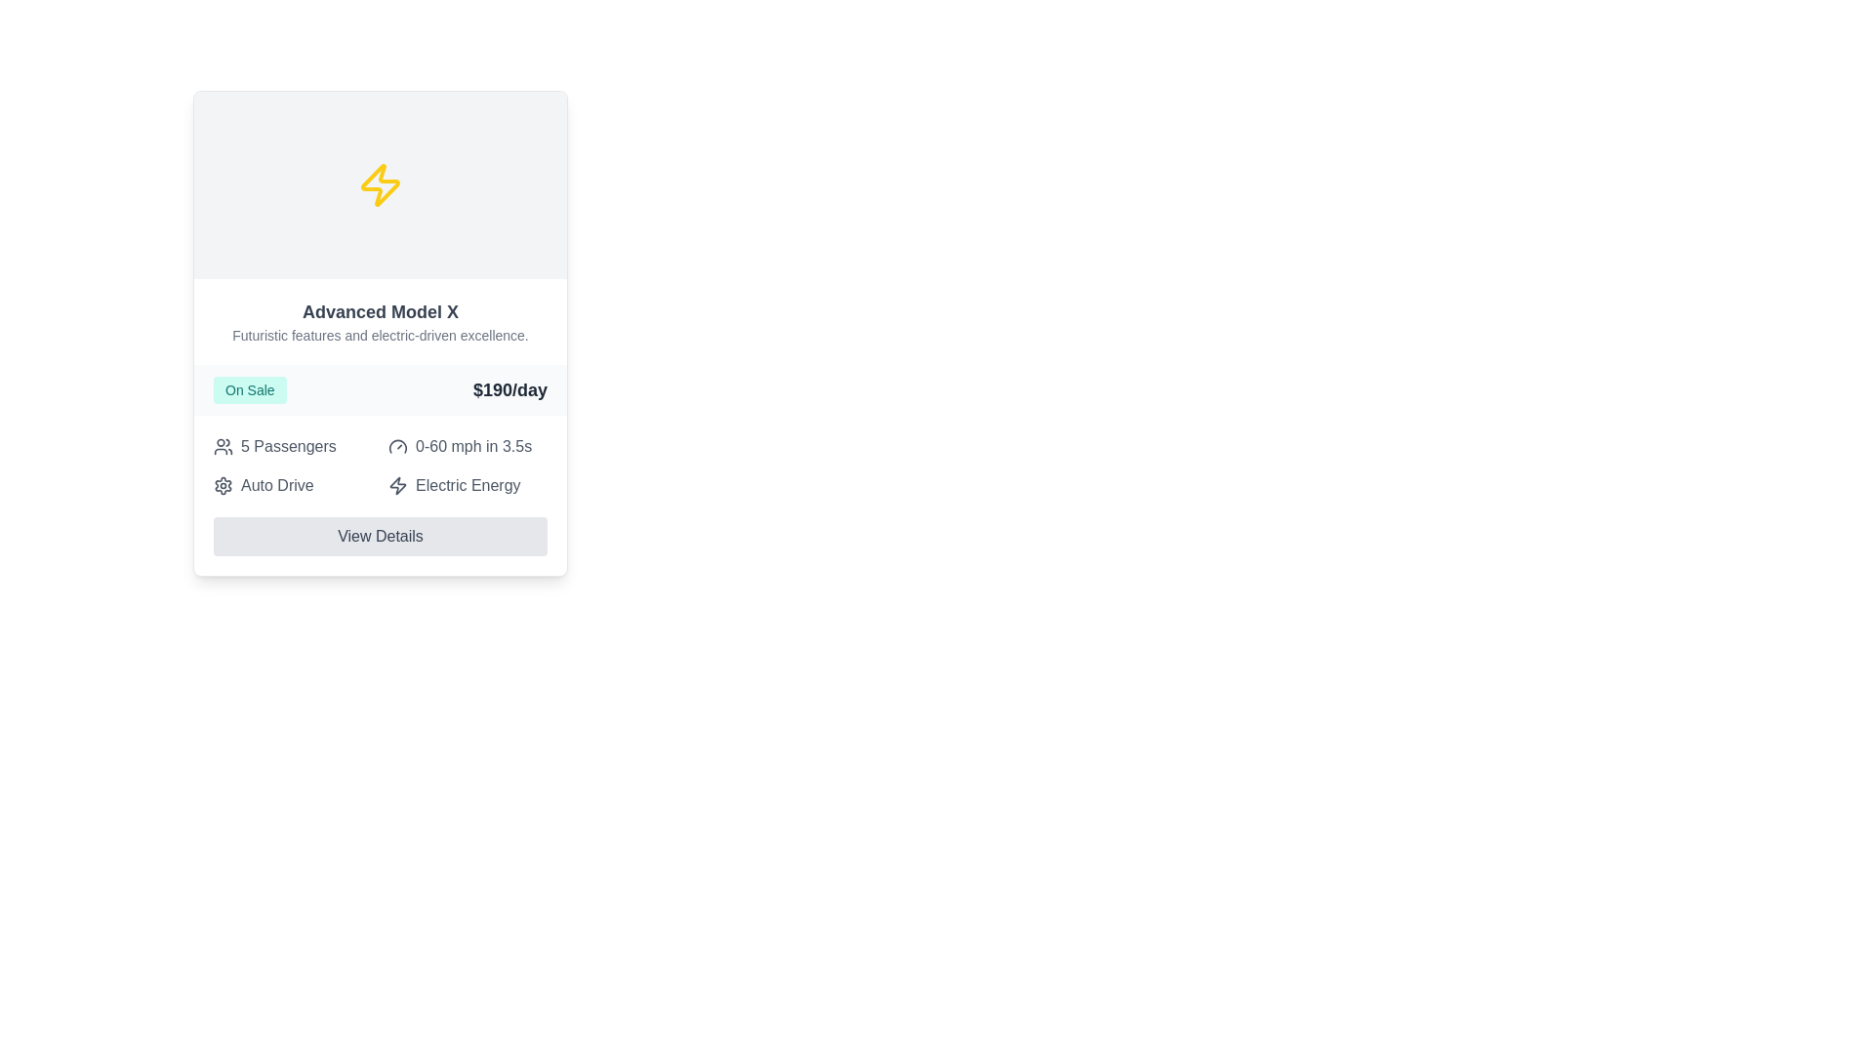 The image size is (1874, 1054). Describe the element at coordinates (292, 484) in the screenshot. I see `the Label with icon that provides information about the 'Auto Drive' feature, located beneath '5 Passengers' and above 'Electric Energy' within the grid layout` at that location.